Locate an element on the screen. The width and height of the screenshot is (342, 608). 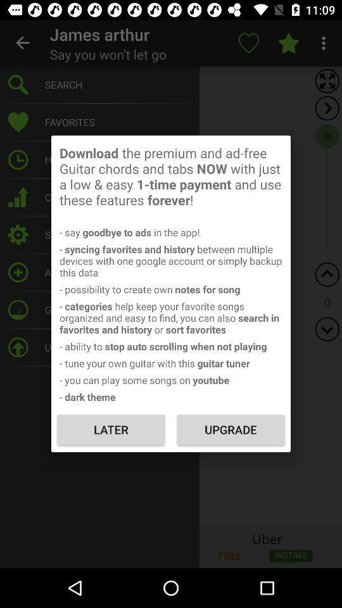
the icon to the left of the upgrade item is located at coordinates (111, 429).